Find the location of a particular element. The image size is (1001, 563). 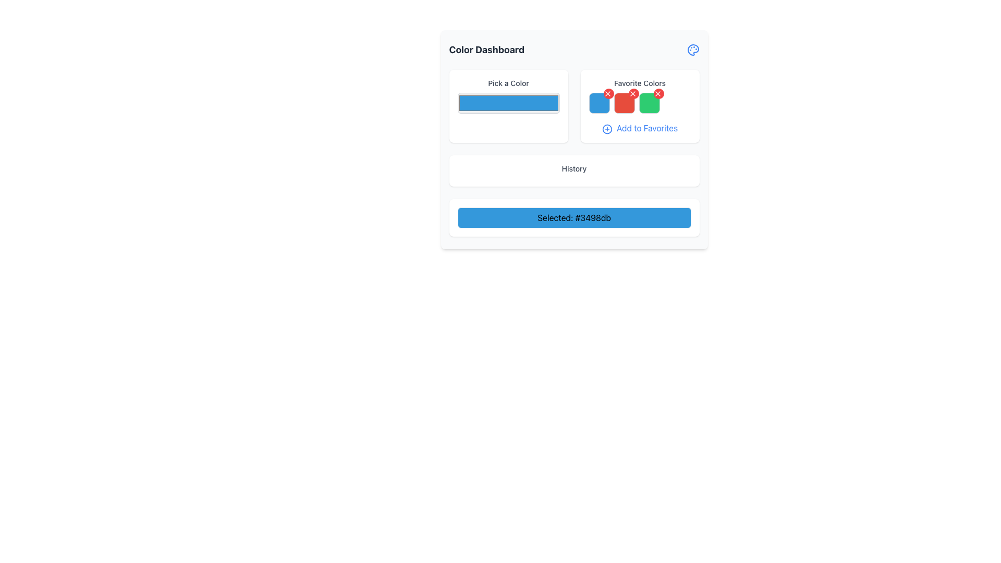

the Delete Button Icon located inside the favorites section of the dashboard, positioned over the blue color card in the first position is located at coordinates (607, 94).